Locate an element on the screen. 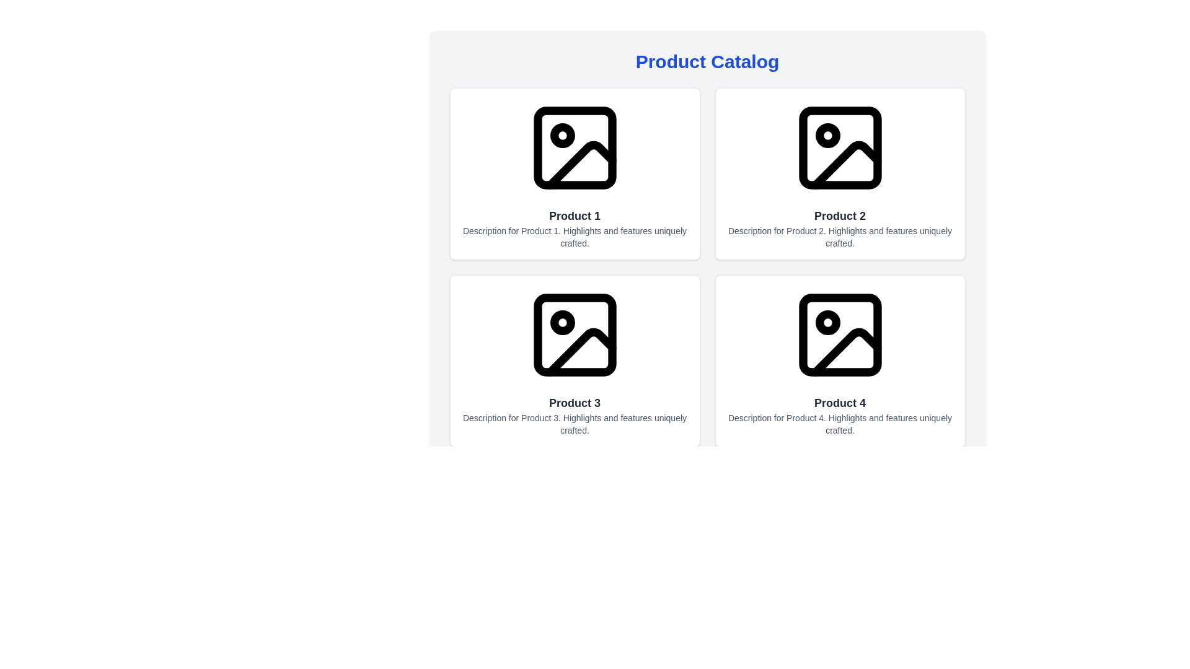 This screenshot has height=669, width=1190. the Image placeholder icon (SVG graphic) that visually represents an image for 'Product 4', located in the upper section of its card is located at coordinates (840, 334).